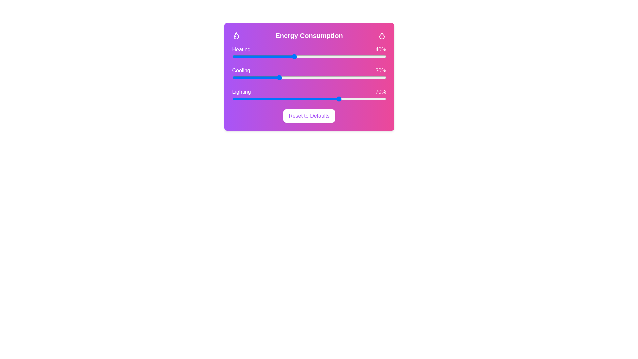 The image size is (638, 359). I want to click on the 'Heating' slider to 59%, so click(323, 56).